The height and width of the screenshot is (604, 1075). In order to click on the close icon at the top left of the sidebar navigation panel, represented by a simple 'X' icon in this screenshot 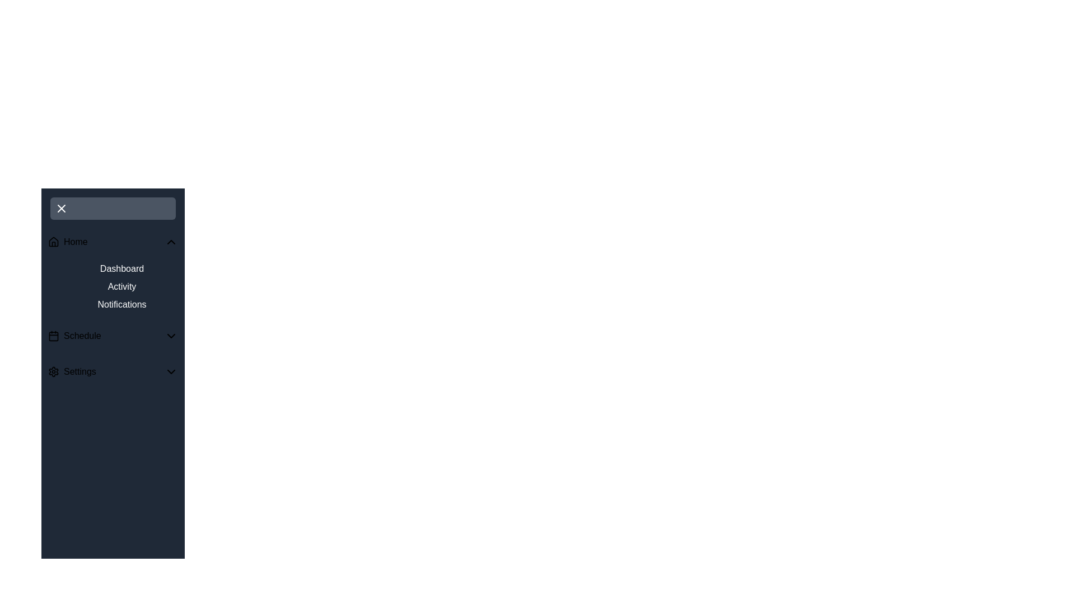, I will do `click(61, 209)`.